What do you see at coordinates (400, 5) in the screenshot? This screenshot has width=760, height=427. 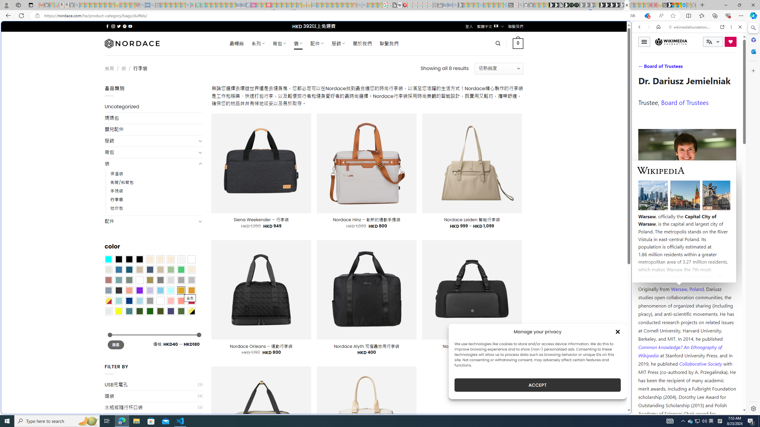 I see `'Target page - Wikipedia'` at bounding box center [400, 5].